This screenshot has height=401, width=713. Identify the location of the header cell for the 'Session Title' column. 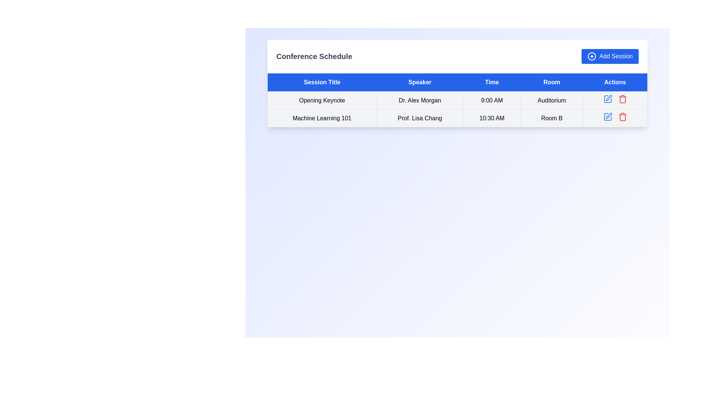
(322, 82).